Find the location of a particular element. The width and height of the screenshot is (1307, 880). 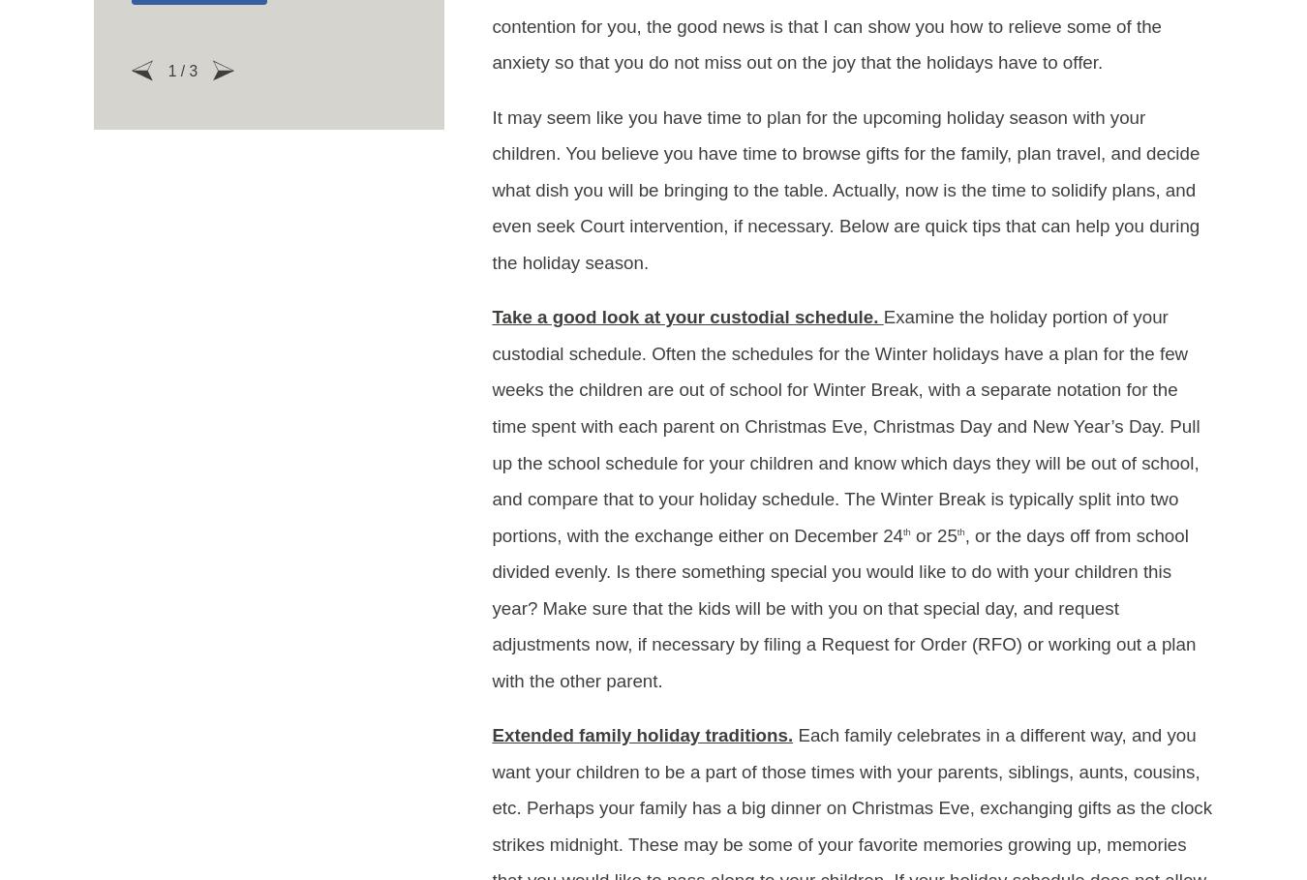

'951-400-5273' is located at coordinates (653, 558).